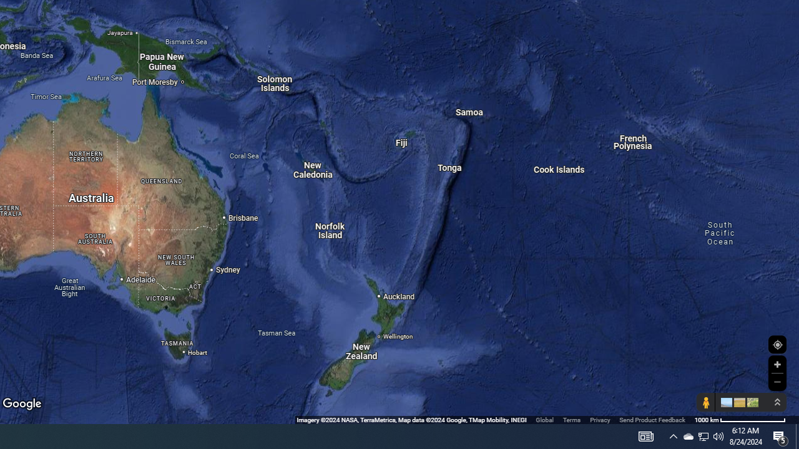 This screenshot has height=449, width=799. Describe the element at coordinates (600, 420) in the screenshot. I see `'Privacy'` at that location.